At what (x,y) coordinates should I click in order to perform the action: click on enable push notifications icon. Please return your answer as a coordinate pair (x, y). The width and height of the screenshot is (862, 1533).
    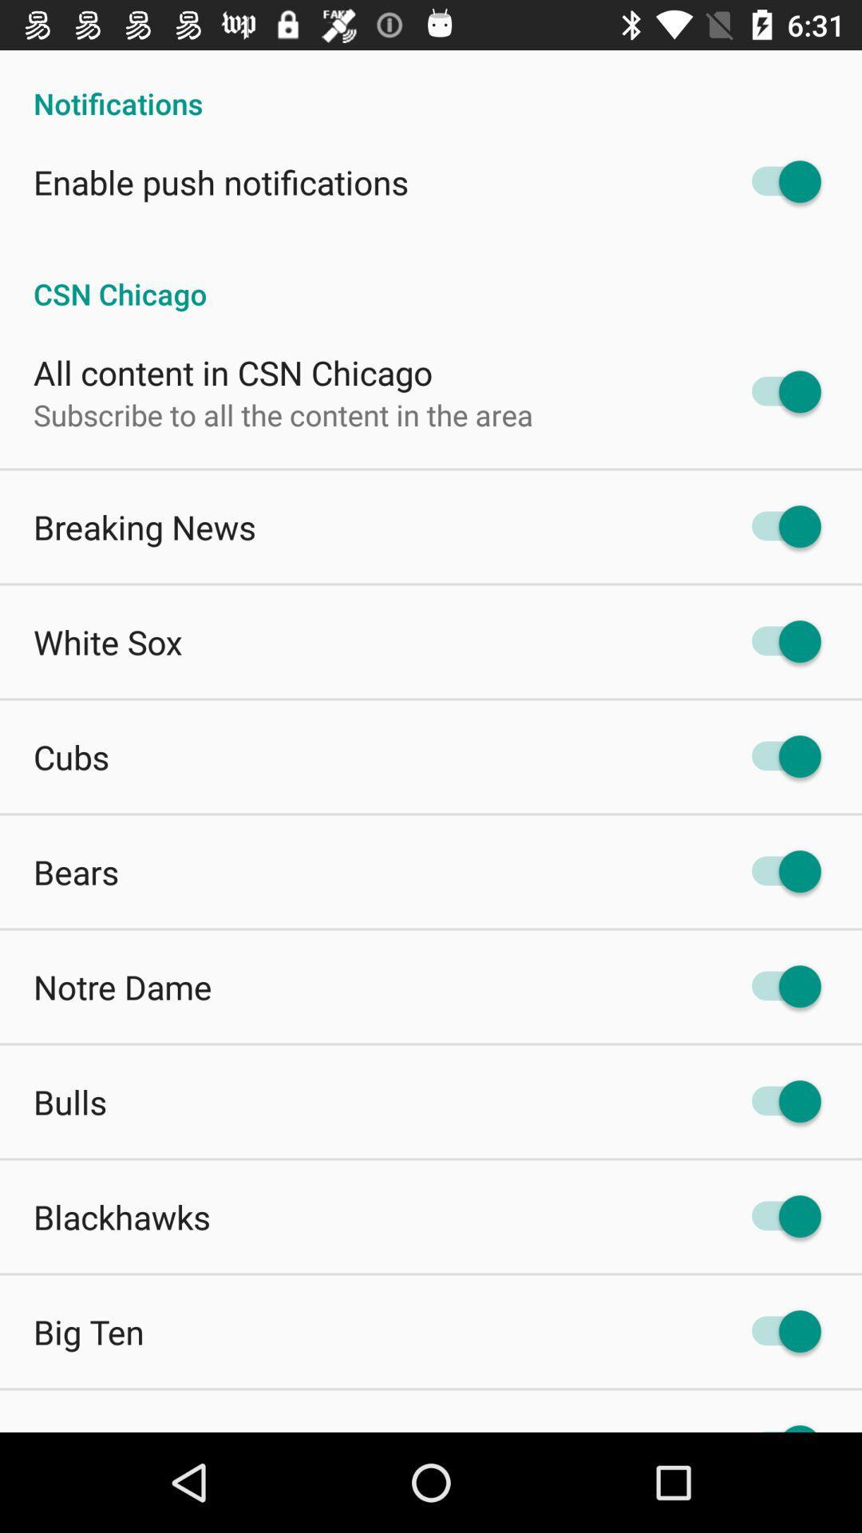
    Looking at the image, I should click on (221, 182).